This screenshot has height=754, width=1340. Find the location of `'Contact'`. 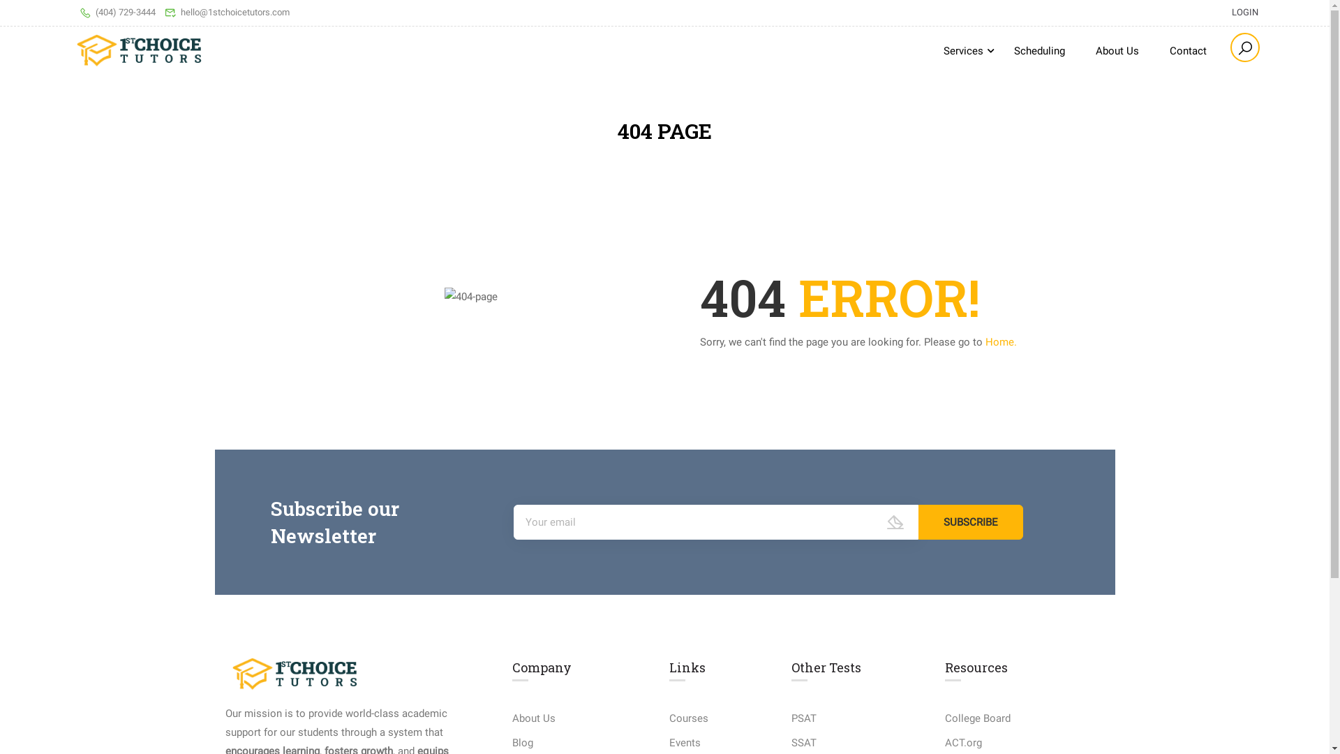

'Contact' is located at coordinates (1187, 50).